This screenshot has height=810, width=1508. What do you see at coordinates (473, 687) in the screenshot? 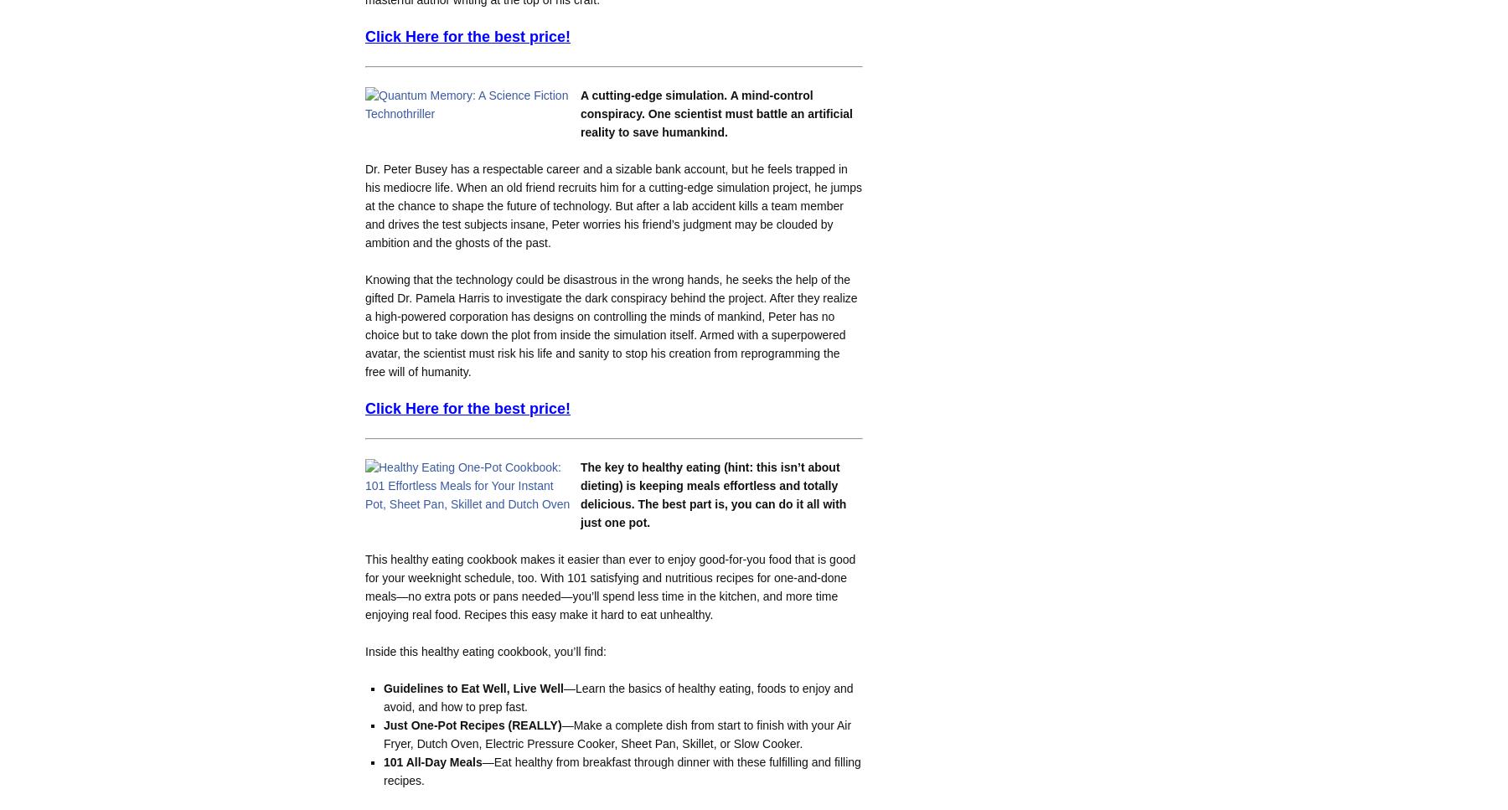
I see `'Guidelines to Eat Well, Live Well'` at bounding box center [473, 687].